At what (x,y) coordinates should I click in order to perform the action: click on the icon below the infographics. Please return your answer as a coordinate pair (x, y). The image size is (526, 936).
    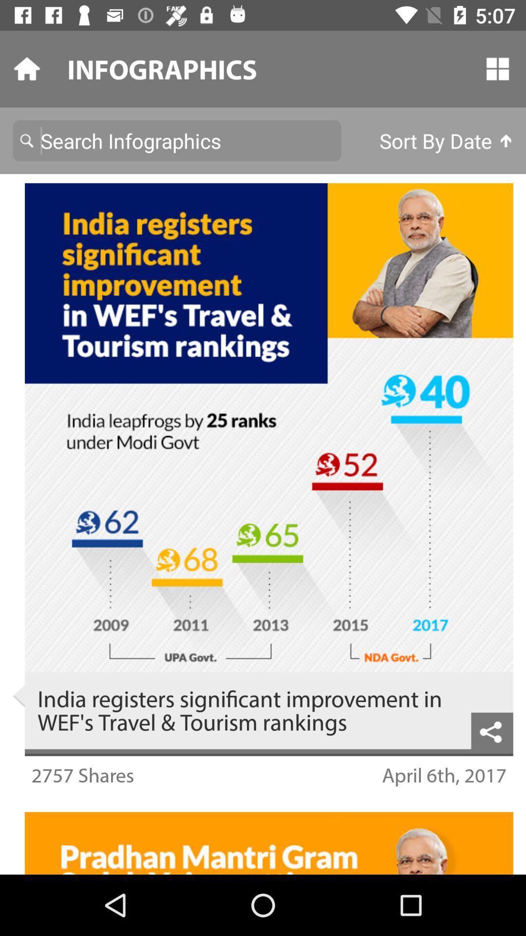
    Looking at the image, I should click on (446, 140).